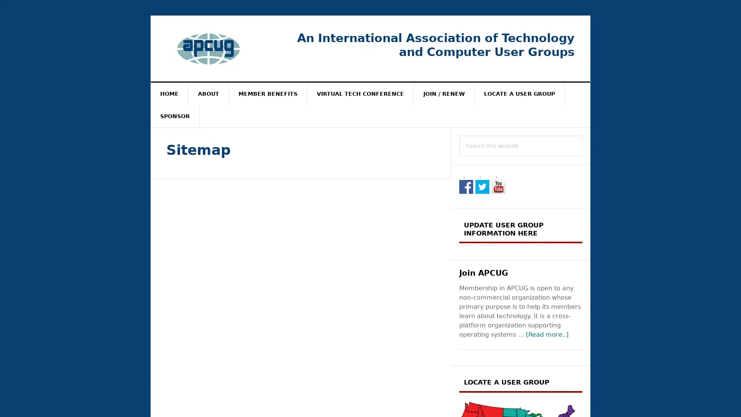 Image resolution: width=741 pixels, height=417 pixels. I want to click on Search, so click(582, 135).